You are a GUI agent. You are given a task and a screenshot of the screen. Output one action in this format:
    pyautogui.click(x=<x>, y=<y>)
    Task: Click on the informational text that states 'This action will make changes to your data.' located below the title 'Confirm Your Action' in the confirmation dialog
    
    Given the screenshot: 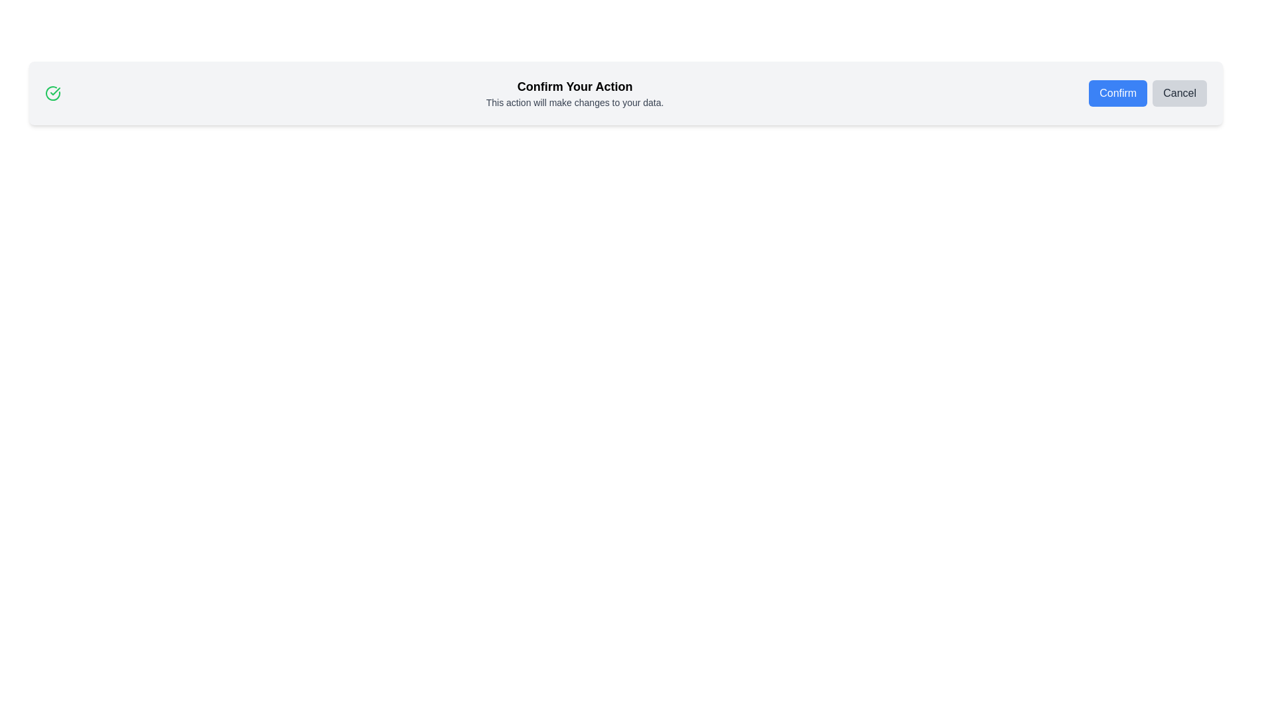 What is the action you would take?
    pyautogui.click(x=575, y=101)
    